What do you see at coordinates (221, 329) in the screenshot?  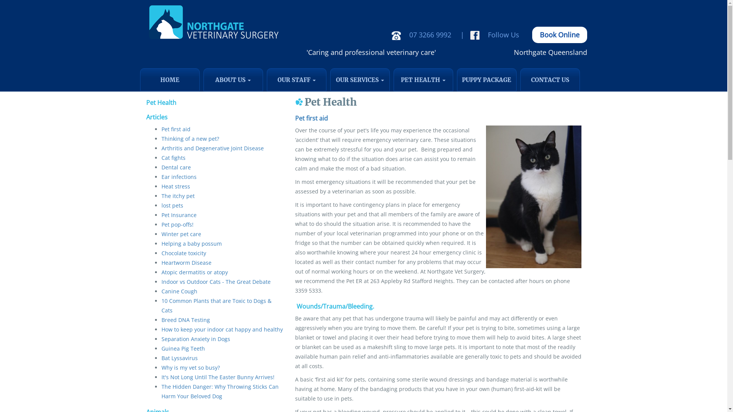 I see `'How to keep your indoor cat happy and healthy'` at bounding box center [221, 329].